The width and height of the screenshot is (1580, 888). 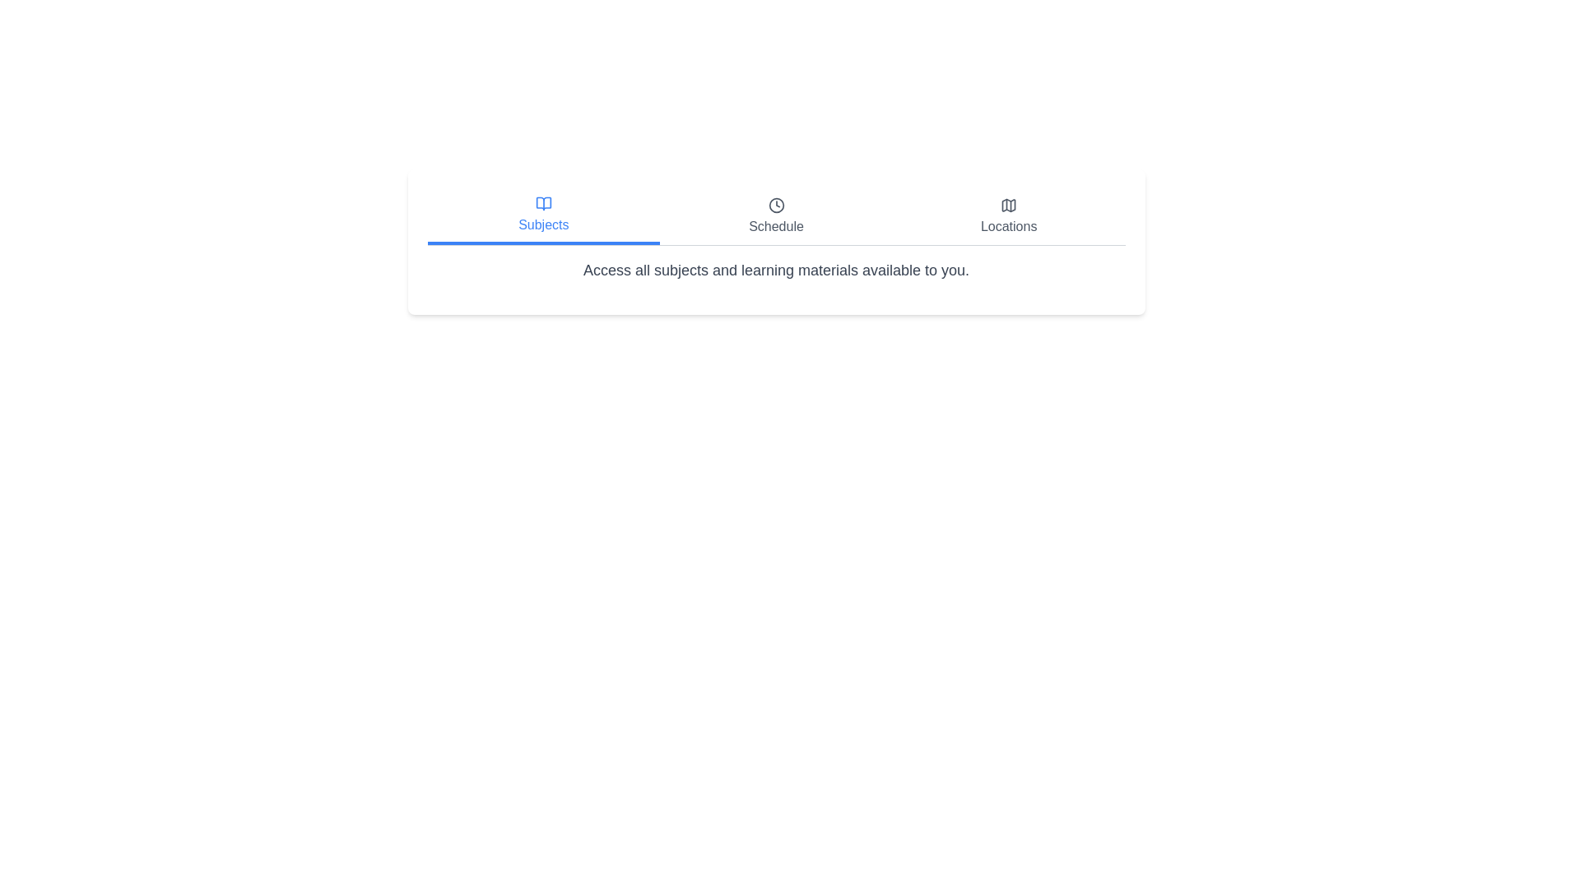 I want to click on the text content within the component, so click(x=427, y=259).